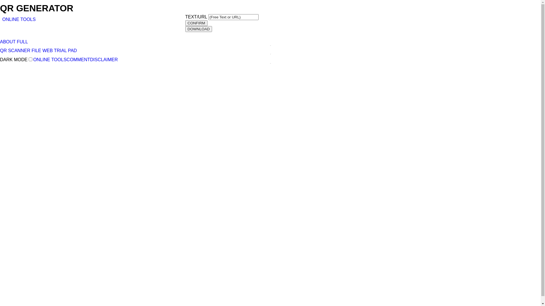 The height and width of the screenshot is (306, 545). What do you see at coordinates (31, 50) in the screenshot?
I see `'FILE WEB'` at bounding box center [31, 50].